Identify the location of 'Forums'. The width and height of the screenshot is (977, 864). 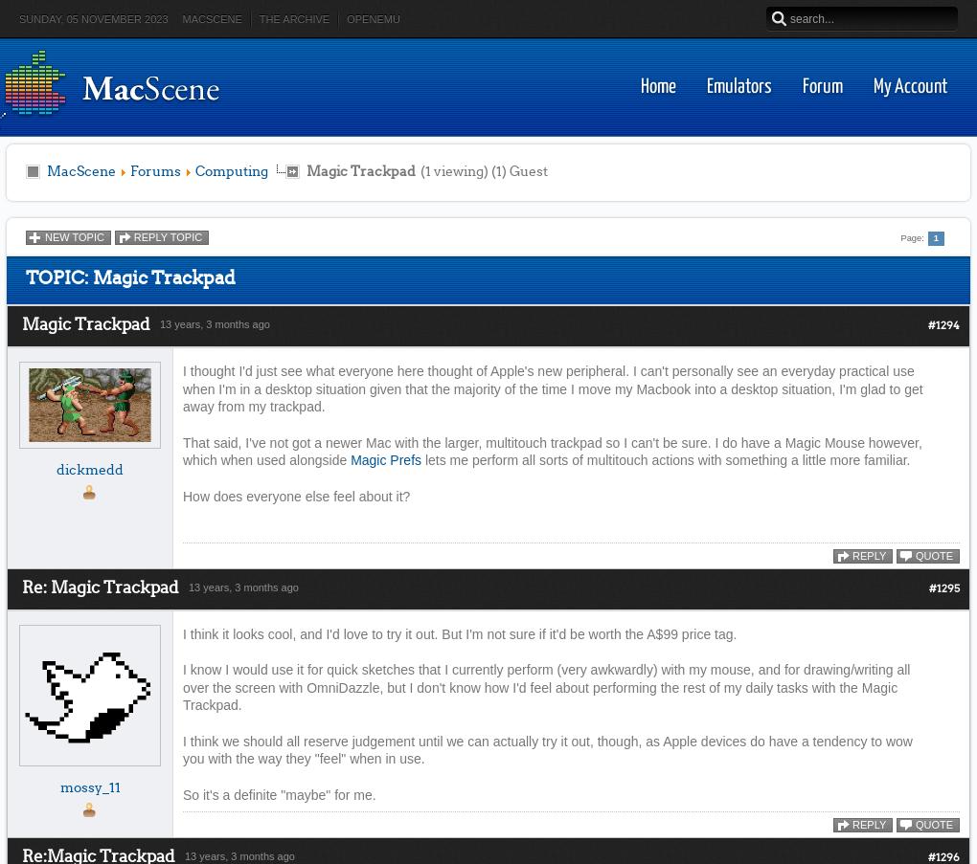
(155, 170).